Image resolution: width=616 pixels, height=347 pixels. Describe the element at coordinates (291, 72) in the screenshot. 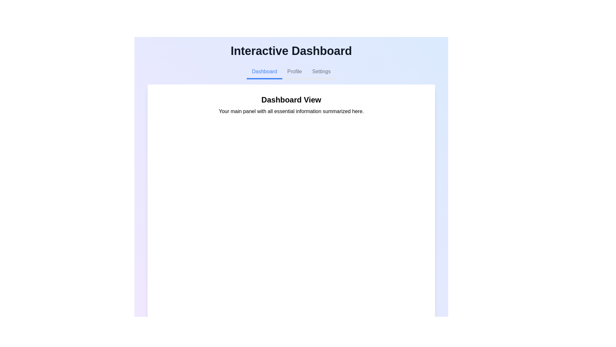

I see `the 'Profile' navigation tab` at that location.